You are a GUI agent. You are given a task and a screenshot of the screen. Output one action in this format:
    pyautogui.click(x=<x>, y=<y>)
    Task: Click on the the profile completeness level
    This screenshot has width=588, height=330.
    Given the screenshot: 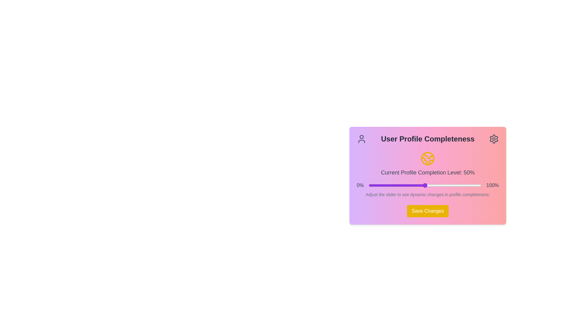 What is the action you would take?
    pyautogui.click(x=443, y=185)
    